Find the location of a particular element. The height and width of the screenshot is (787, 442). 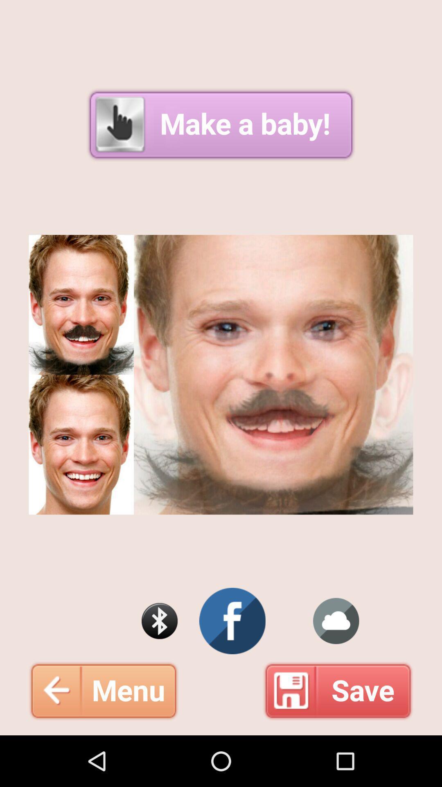

visit facebook page is located at coordinates (232, 621).